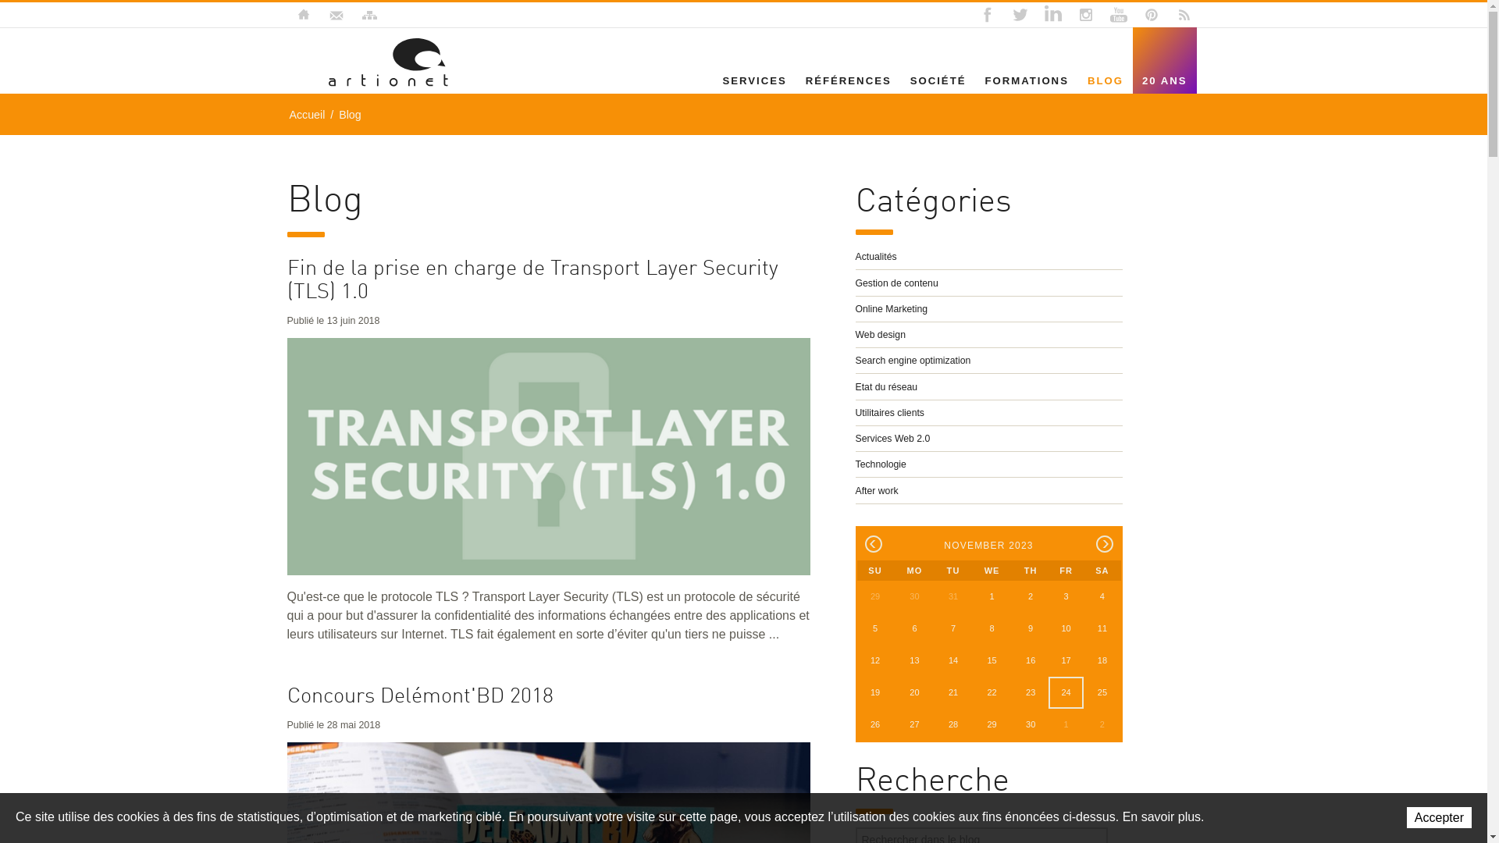 The image size is (1499, 843). What do you see at coordinates (988, 309) in the screenshot?
I see `'Online Marketing'` at bounding box center [988, 309].